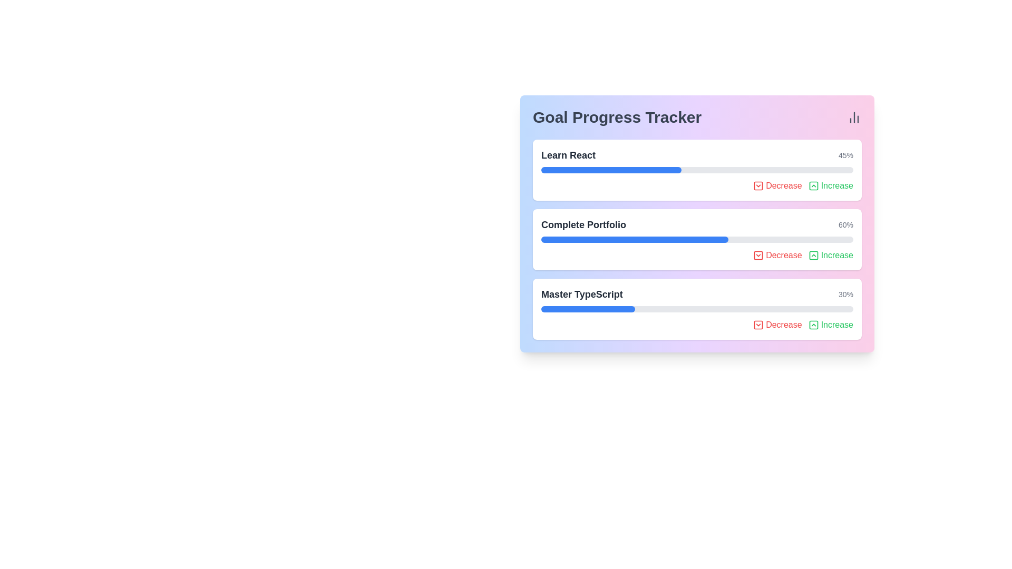 The image size is (1012, 569). I want to click on the blue rounded progress bar segment representing 60% completion within the gray progress bar labeled 'Complete Portfolio', so click(634, 240).